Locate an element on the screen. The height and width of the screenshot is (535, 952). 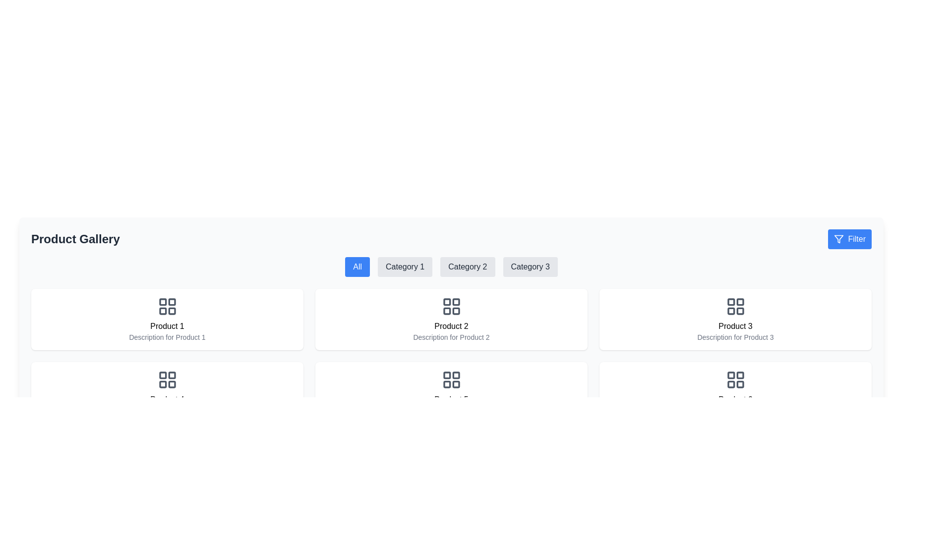
the SVG icon featuring a grid-like design of four rounded squares located above the text 'Product 4' by using keyboard shortcuts is located at coordinates (167, 379).